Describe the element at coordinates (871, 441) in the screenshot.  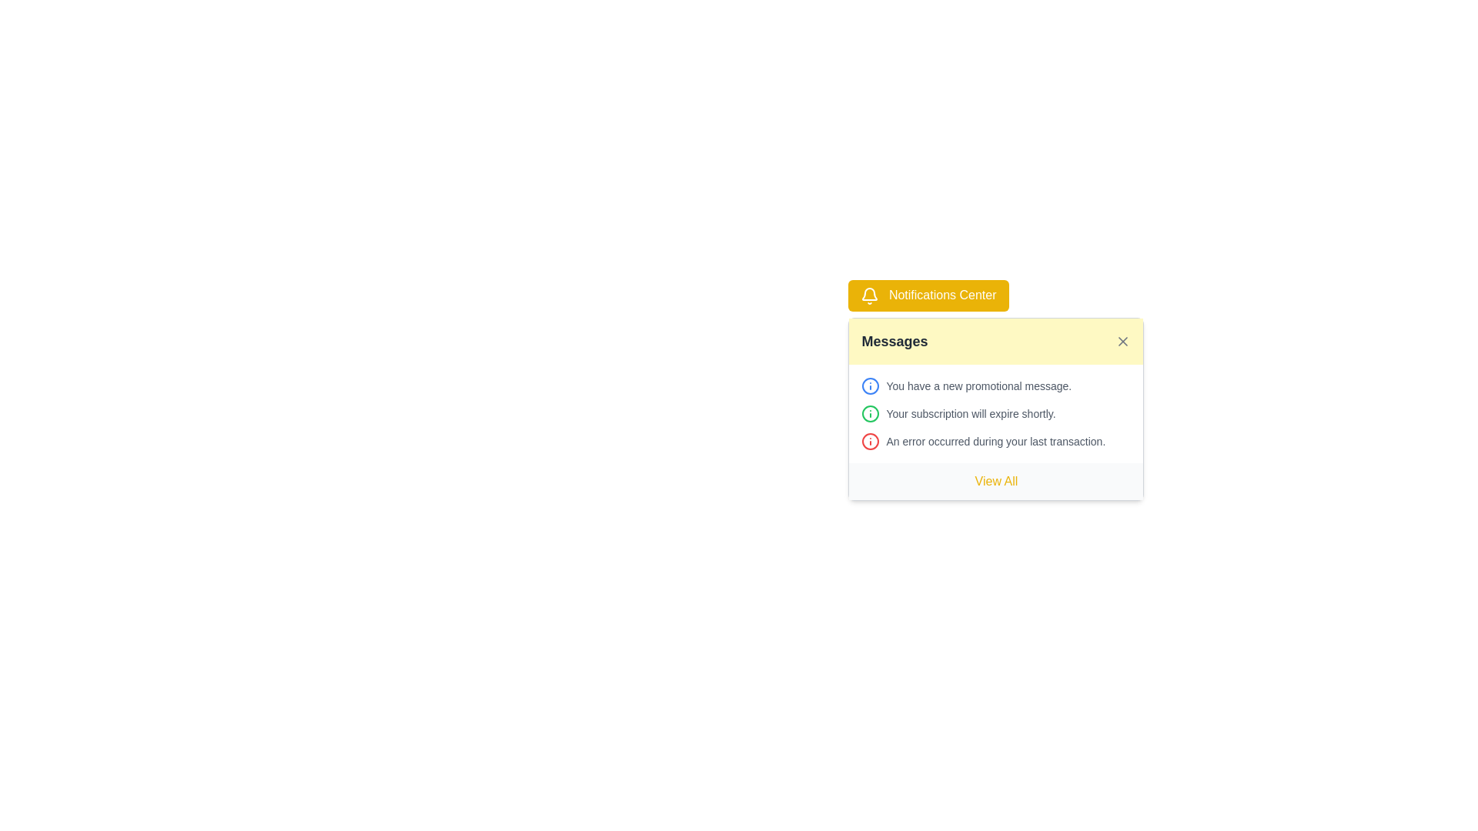
I see `the error/warning icon located in the third notification entry of the notification panel, which is positioned to the left of the message text 'An error occurred during your last transaction.'` at that location.